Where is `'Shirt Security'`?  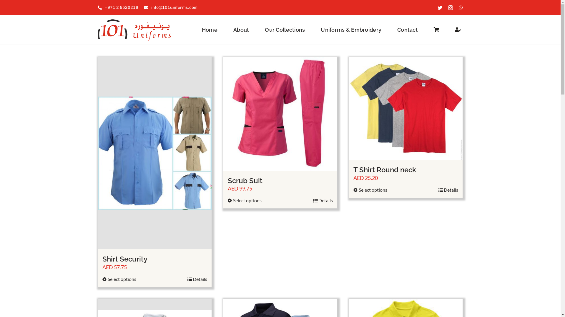
'Shirt Security' is located at coordinates (124, 259).